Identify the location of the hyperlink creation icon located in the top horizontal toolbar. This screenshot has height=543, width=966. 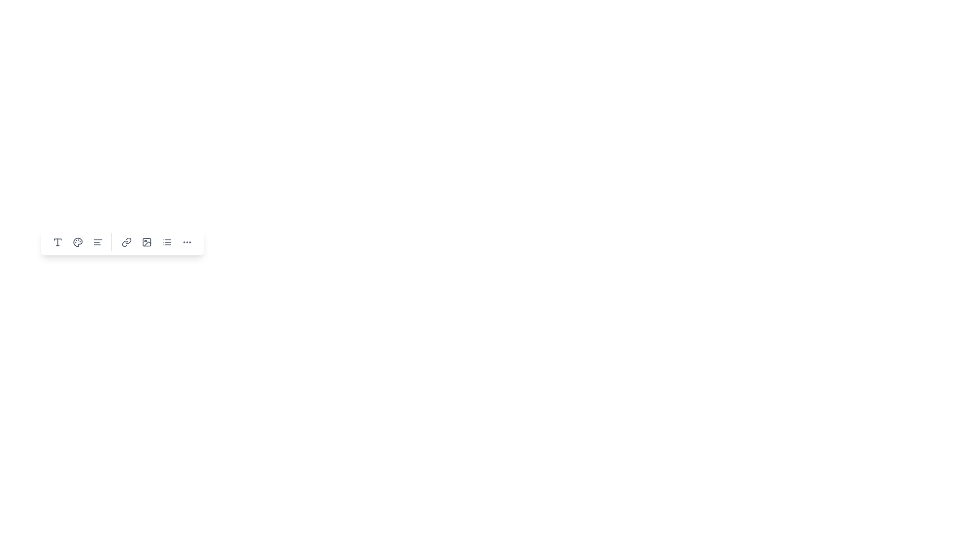
(126, 242).